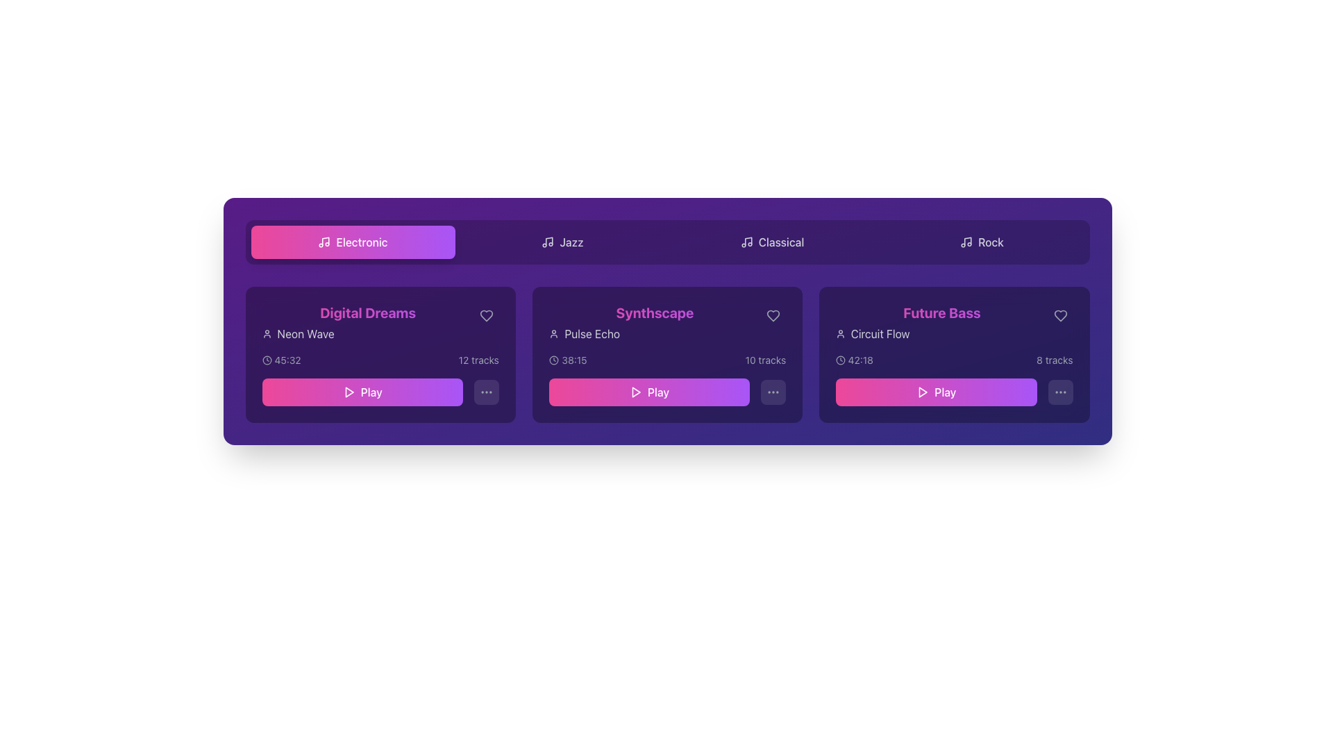 The height and width of the screenshot is (750, 1333). Describe the element at coordinates (486, 392) in the screenshot. I see `the context menu trigger button located to the right of the 'Play' button in the 'Digital Dreams' section` at that location.